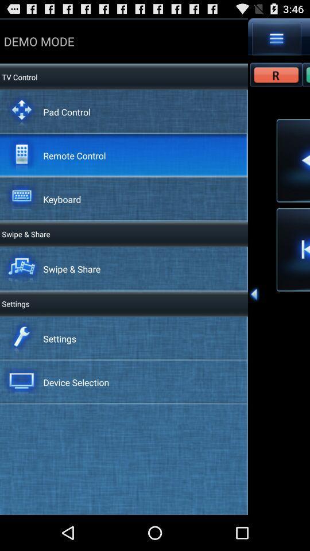  Describe the element at coordinates (62, 199) in the screenshot. I see `keyboard` at that location.